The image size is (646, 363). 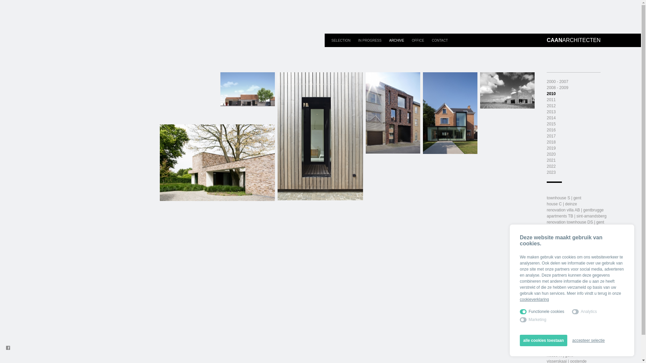 I want to click on 'ARCHIVE', so click(x=397, y=40).